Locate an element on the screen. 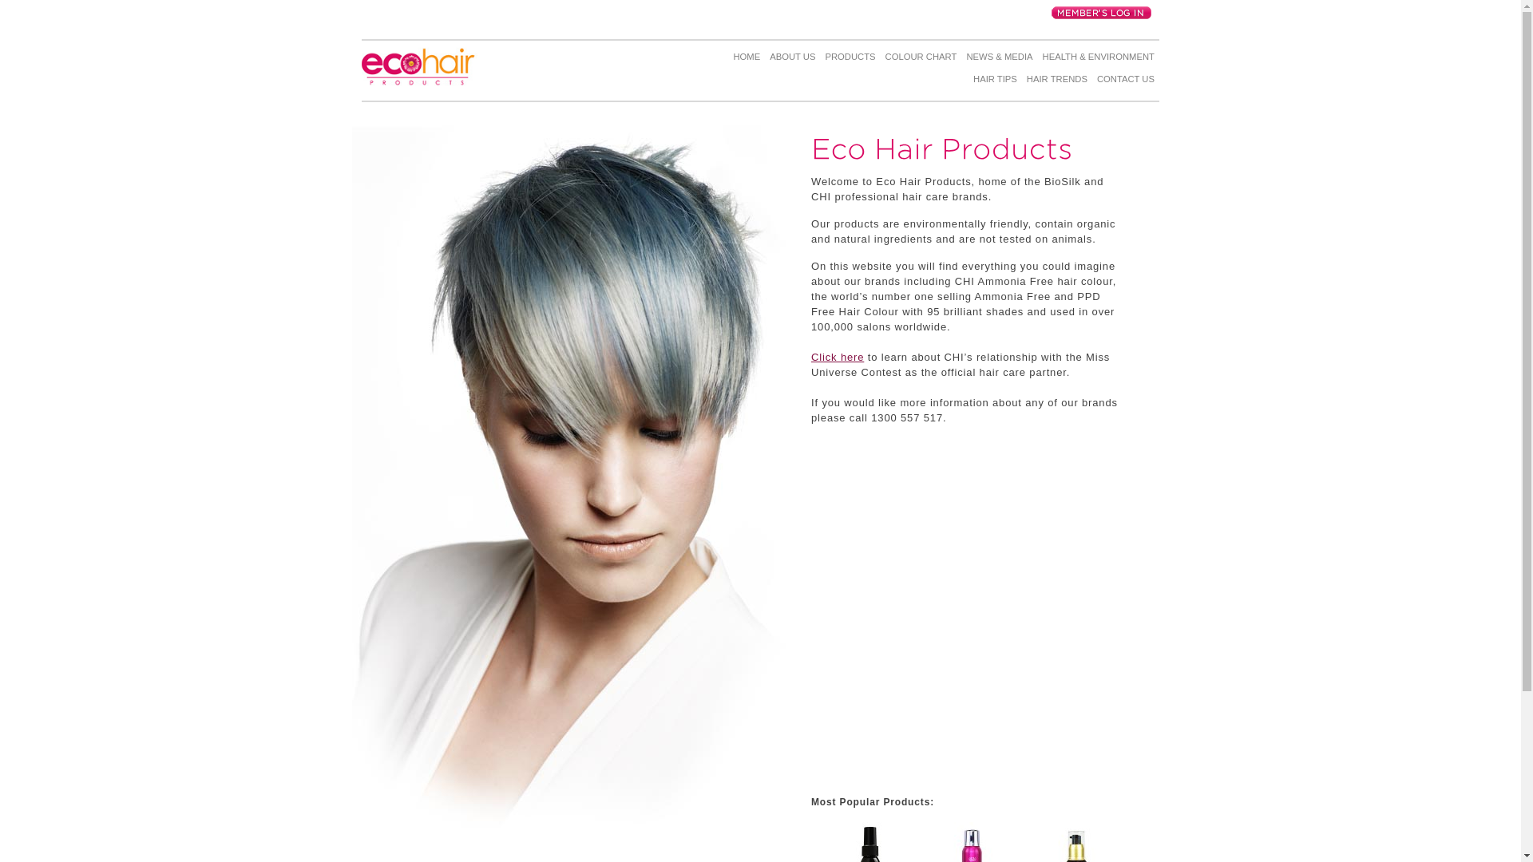  'PRODUCTS' is located at coordinates (820, 58).